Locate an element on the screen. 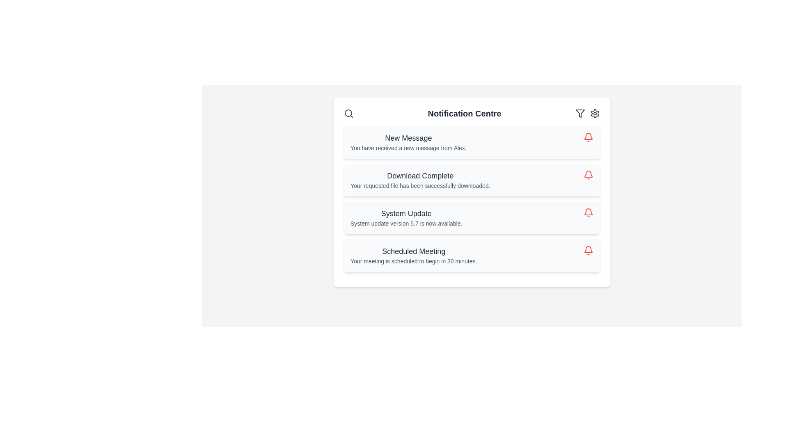 The image size is (788, 443). the filtering icon located in the top-right corner of the notification center panel, to the left of the settings icon is located at coordinates (580, 114).